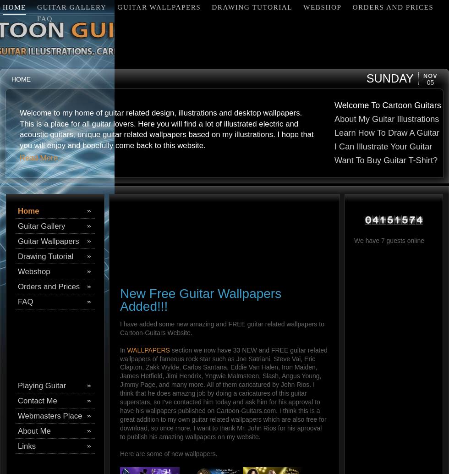 This screenshot has width=449, height=474. I want to click on 'Playing Guitar', so click(42, 385).